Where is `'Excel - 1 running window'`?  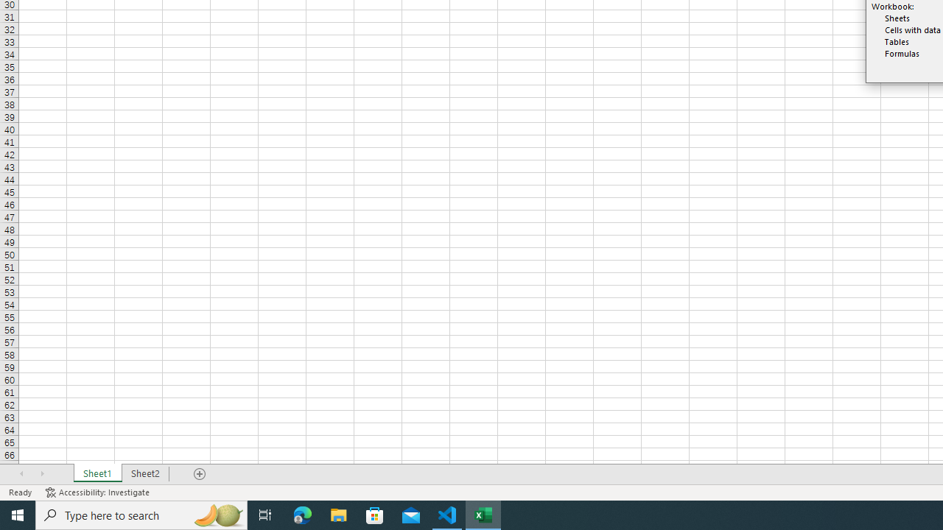
'Excel - 1 running window' is located at coordinates (483, 514).